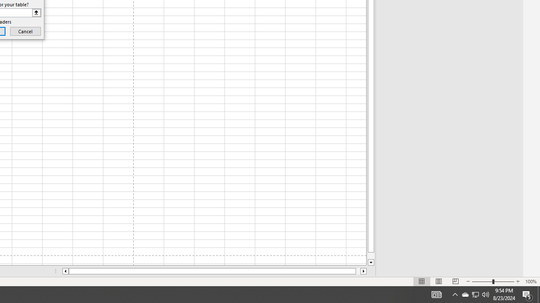  What do you see at coordinates (65, 271) in the screenshot?
I see `'Column left'` at bounding box center [65, 271].